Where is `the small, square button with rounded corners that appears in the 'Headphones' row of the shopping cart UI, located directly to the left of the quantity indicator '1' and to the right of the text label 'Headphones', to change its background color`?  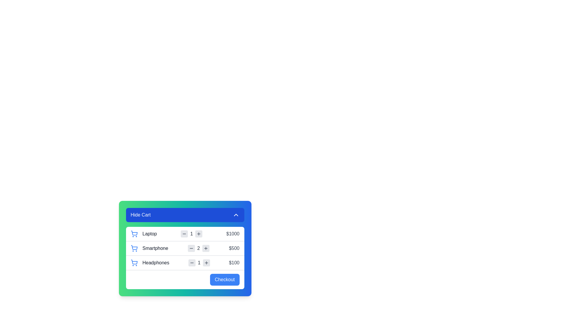
the small, square button with rounded corners that appears in the 'Headphones' row of the shopping cart UI, located directly to the left of the quantity indicator '1' and to the right of the text label 'Headphones', to change its background color is located at coordinates (192, 263).